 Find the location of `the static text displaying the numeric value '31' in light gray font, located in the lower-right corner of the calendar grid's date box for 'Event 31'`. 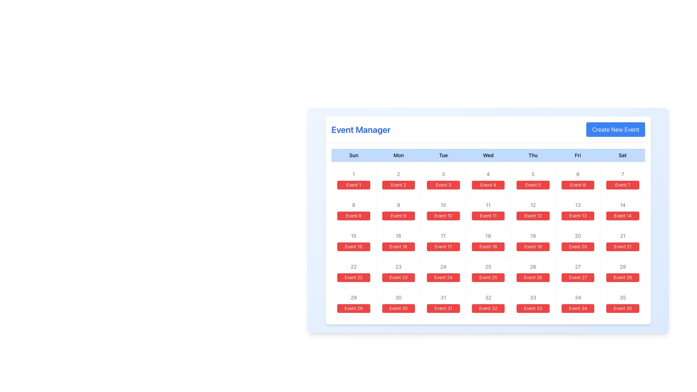

the static text displaying the numeric value '31' in light gray font, located in the lower-right corner of the calendar grid's date box for 'Event 31' is located at coordinates (443, 298).